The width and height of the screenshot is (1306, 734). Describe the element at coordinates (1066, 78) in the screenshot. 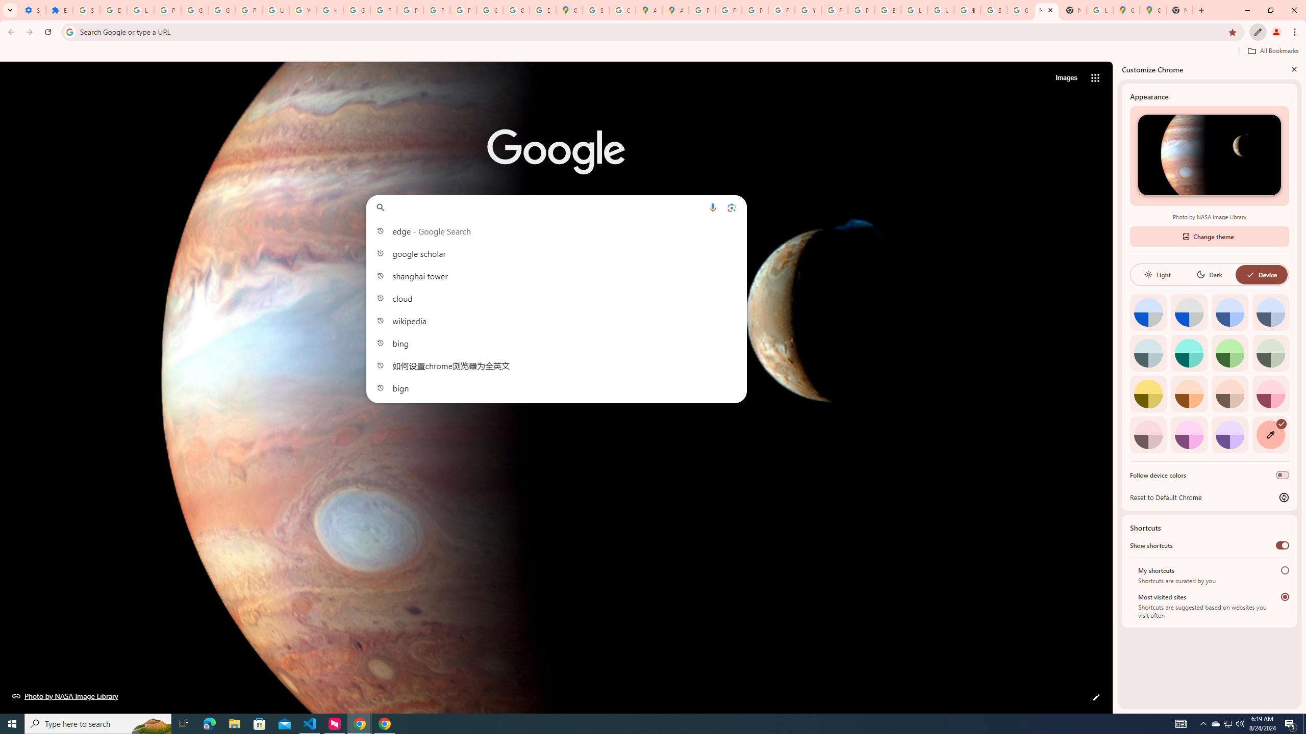

I see `'Search for Images '` at that location.